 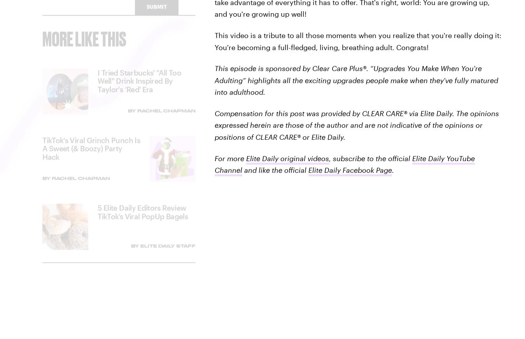 I want to click on 'This video is a tribute to all those moments when you realize that you're really doing it: You're becoming a full-fledged, living, breathing adult. Congrats!', so click(x=357, y=41).